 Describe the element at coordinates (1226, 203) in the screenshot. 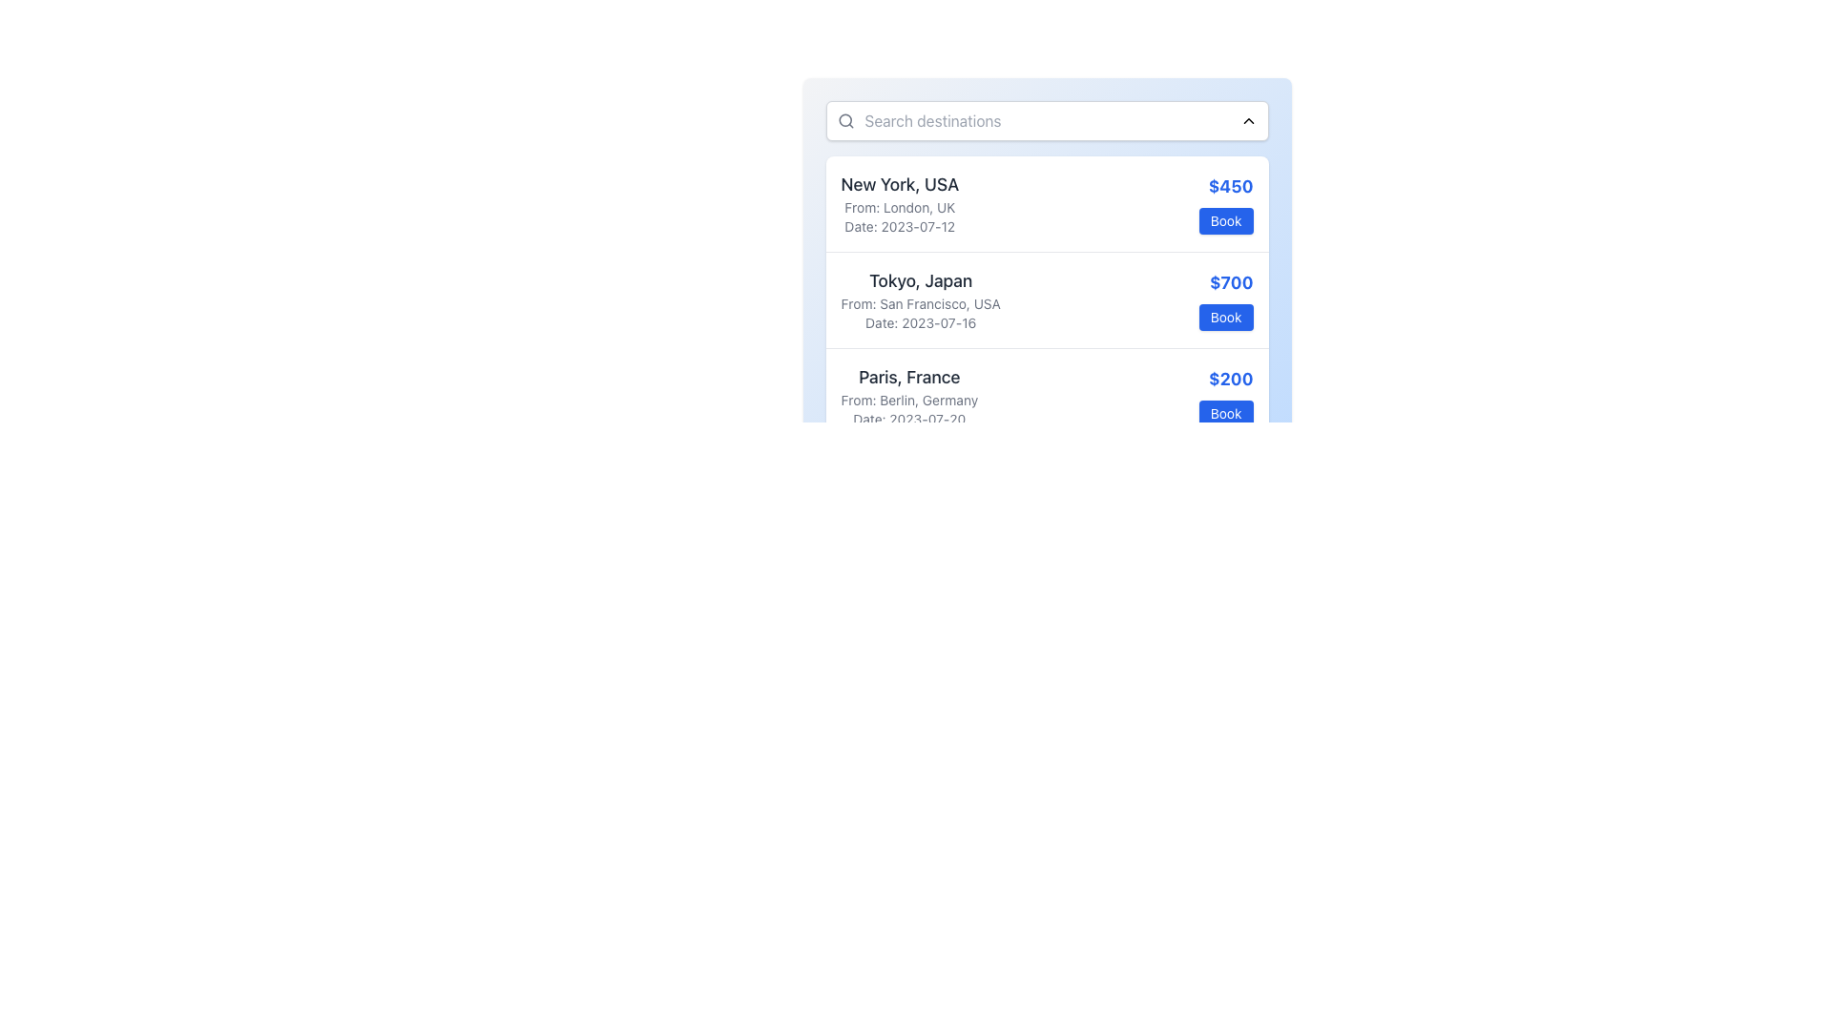

I see `the bold blue price label "$450" in the top right portion of the travel offers list` at that location.